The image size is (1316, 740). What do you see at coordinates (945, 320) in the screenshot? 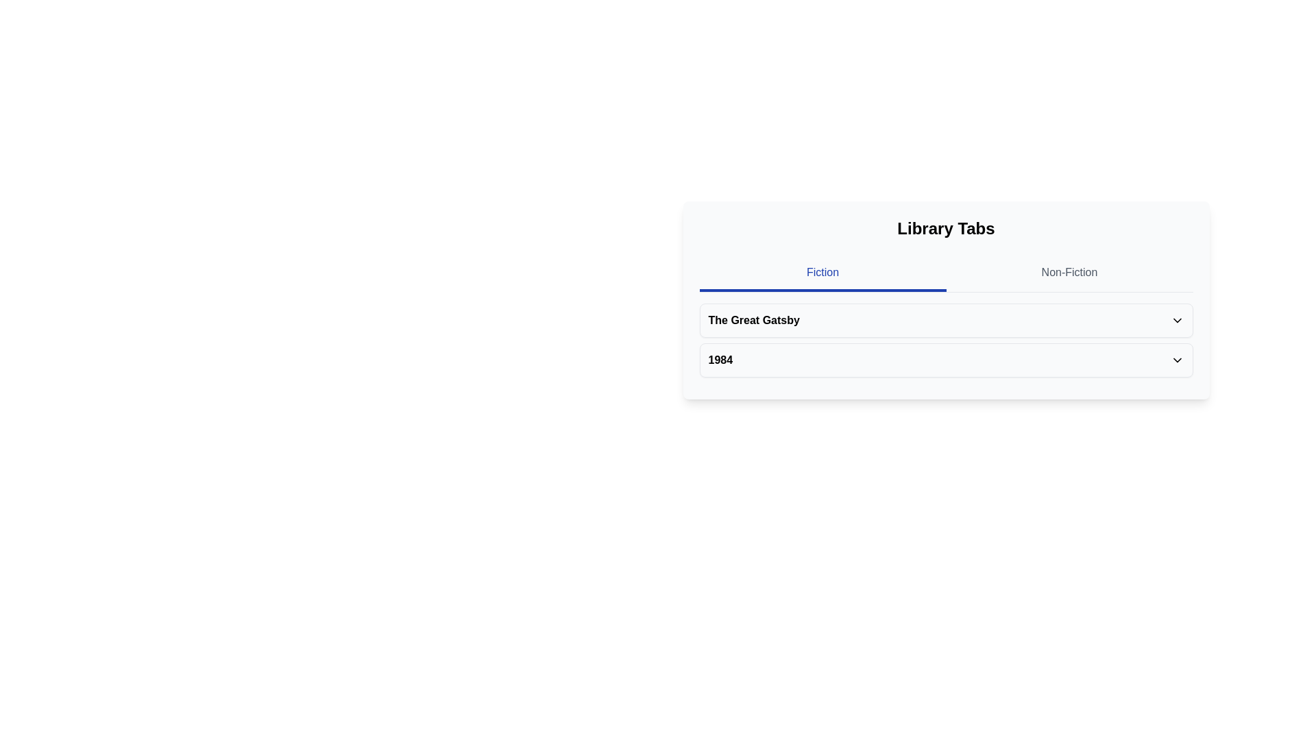
I see `the selectable book item button for 'The Great Gatsby'` at bounding box center [945, 320].